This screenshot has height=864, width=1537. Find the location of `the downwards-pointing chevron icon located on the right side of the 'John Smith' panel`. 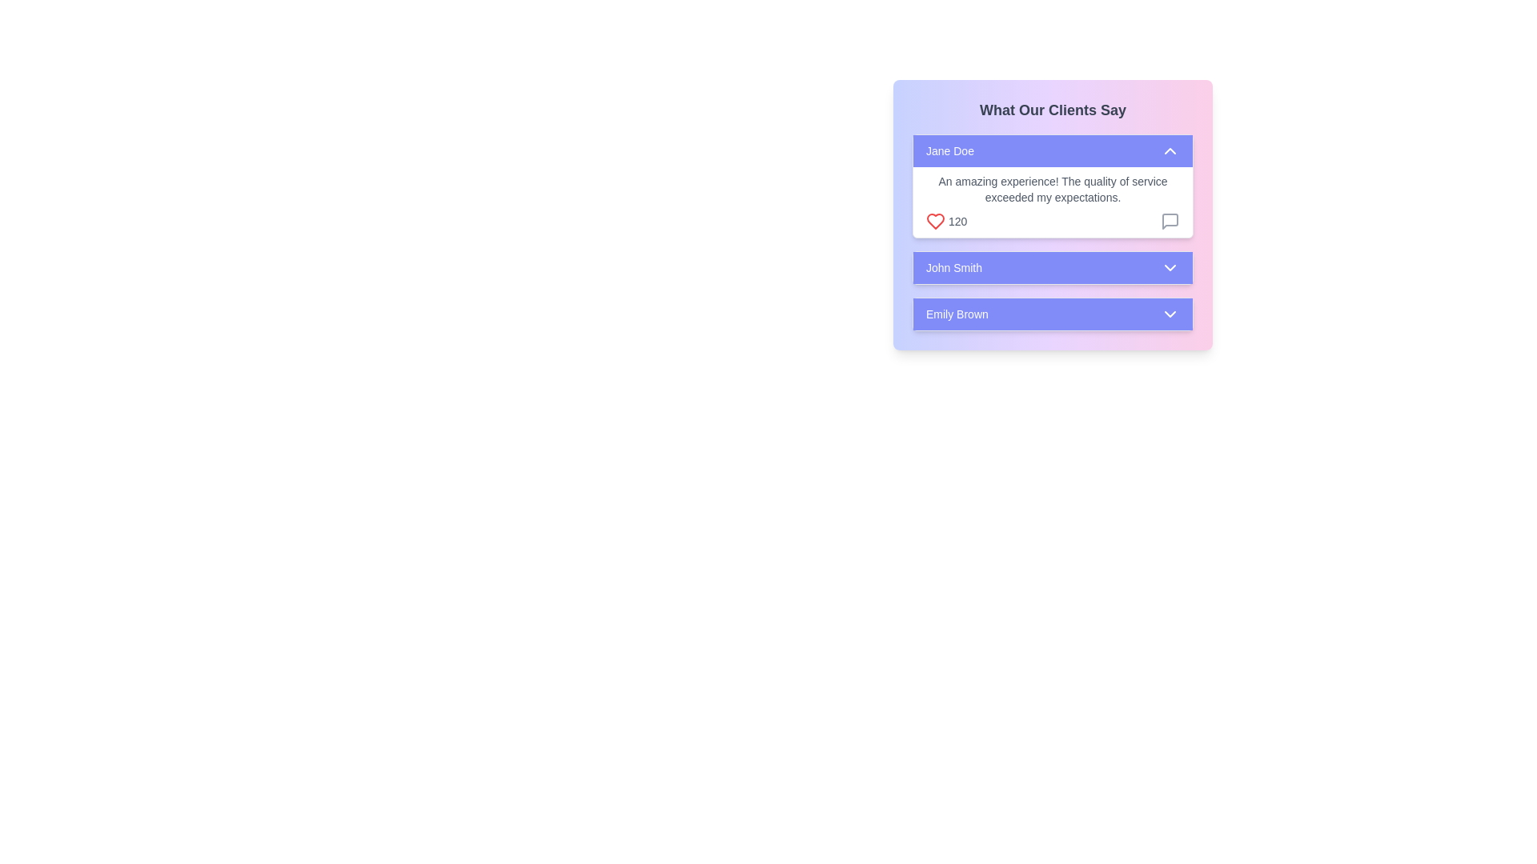

the downwards-pointing chevron icon located on the right side of the 'John Smith' panel is located at coordinates (1170, 267).